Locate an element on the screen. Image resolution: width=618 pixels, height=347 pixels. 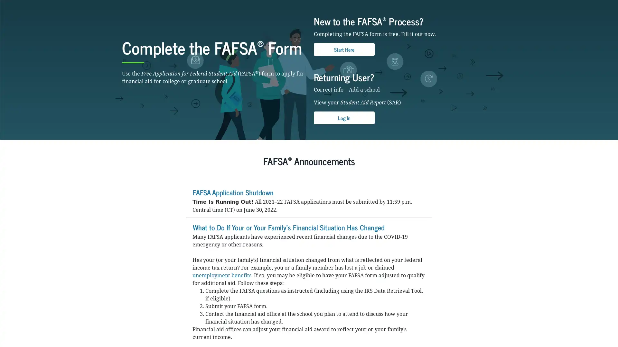
Start Here is located at coordinates (344, 91).